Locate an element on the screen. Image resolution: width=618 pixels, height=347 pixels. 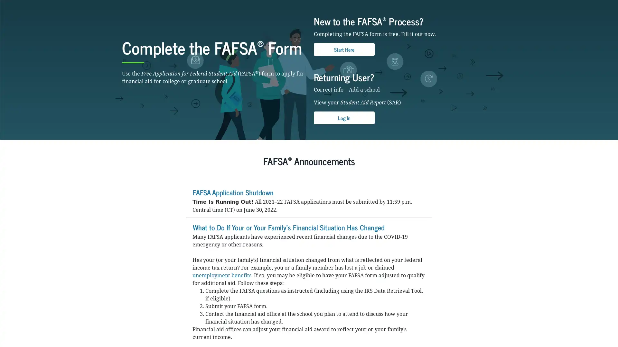
Start Here is located at coordinates (344, 91).